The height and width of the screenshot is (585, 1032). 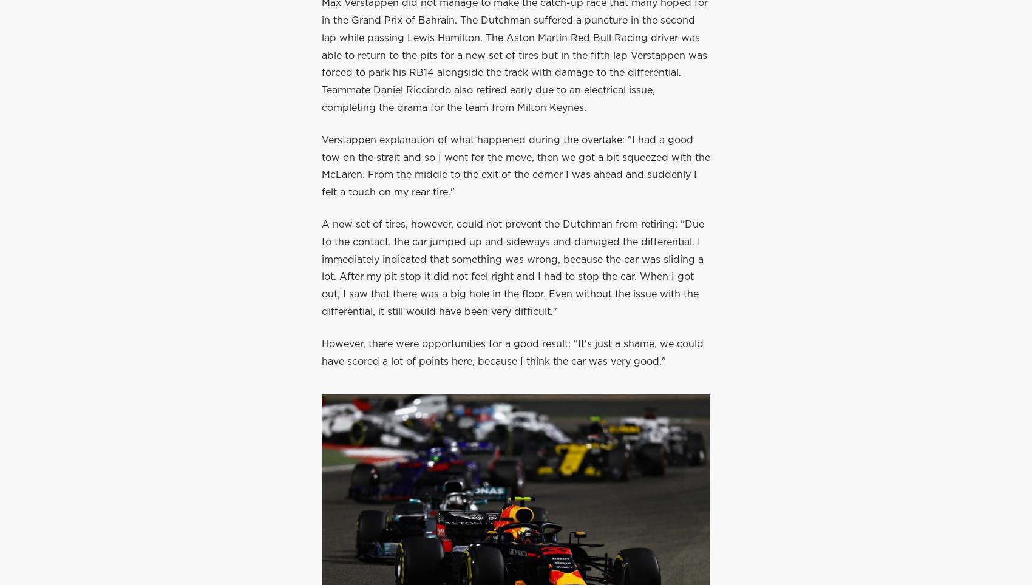 I want to click on 'Home', so click(x=529, y=530).